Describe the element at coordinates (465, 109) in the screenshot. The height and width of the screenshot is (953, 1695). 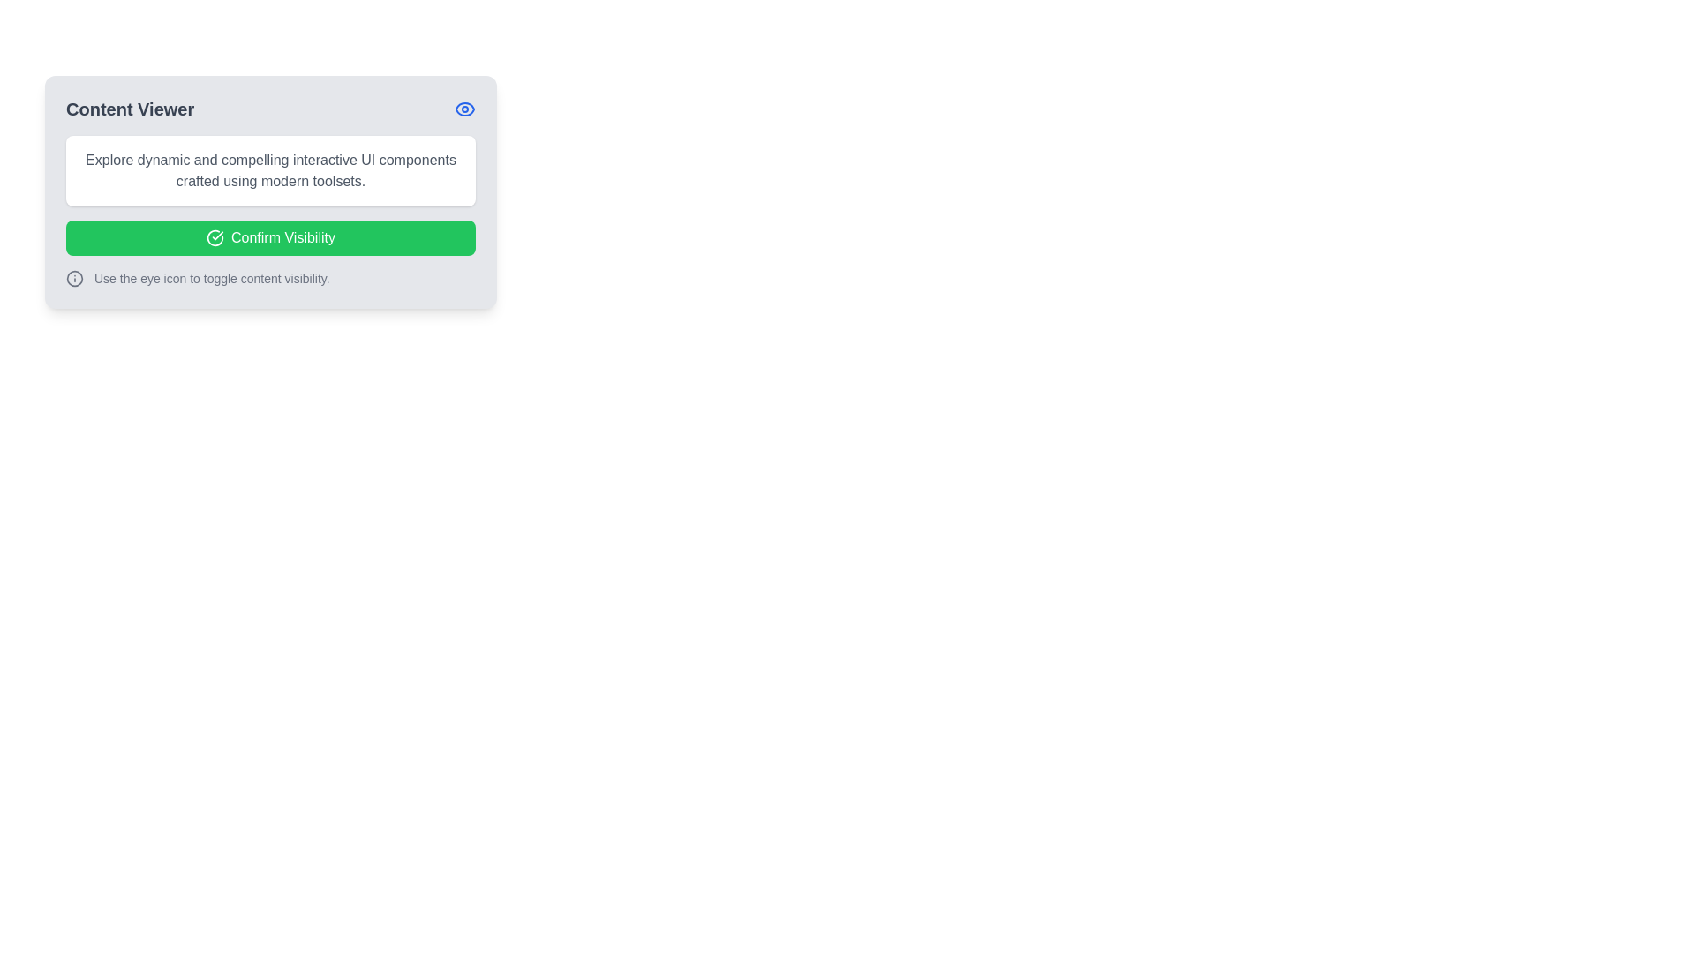
I see `the elliptical outline part of the eye icon located` at that location.